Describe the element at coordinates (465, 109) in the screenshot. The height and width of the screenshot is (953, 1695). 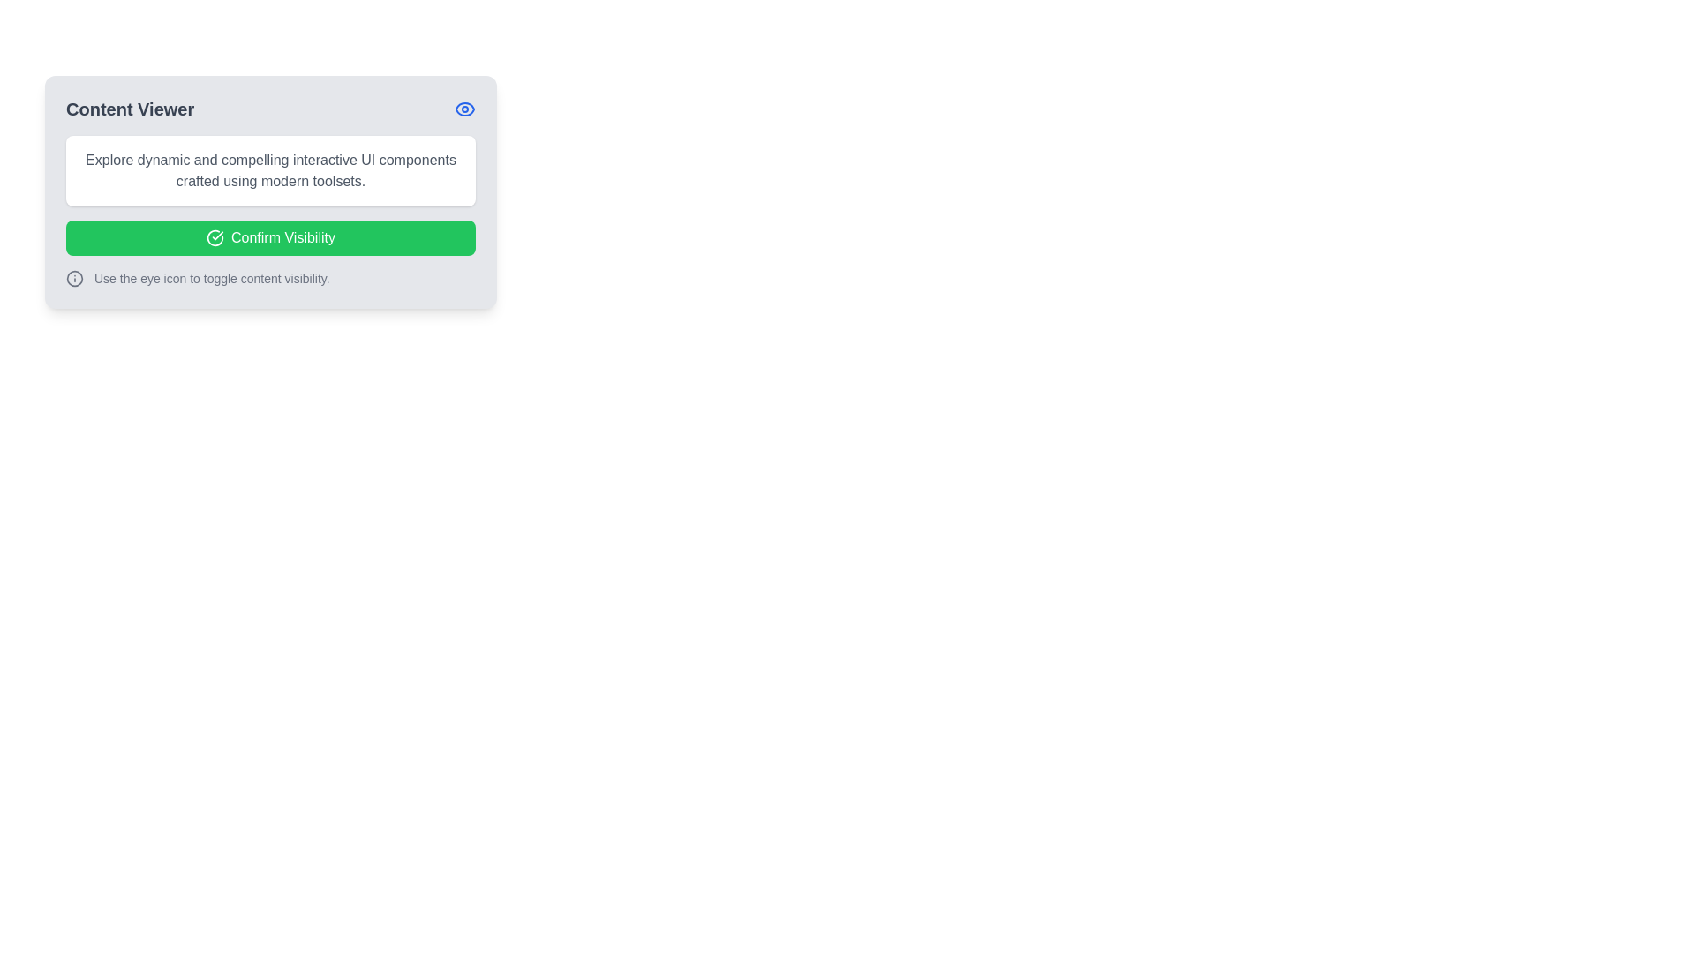
I see `the elliptical outline part of the eye icon located` at that location.